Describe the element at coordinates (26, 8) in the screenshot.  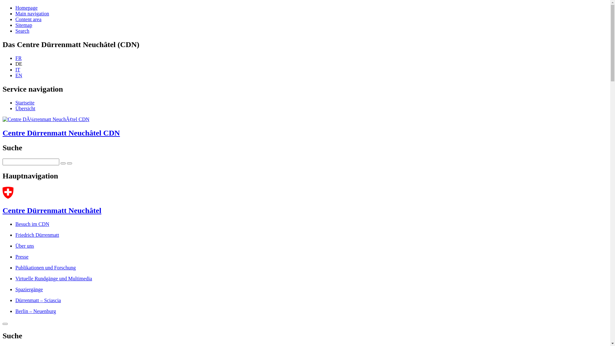
I see `'Homepage'` at that location.